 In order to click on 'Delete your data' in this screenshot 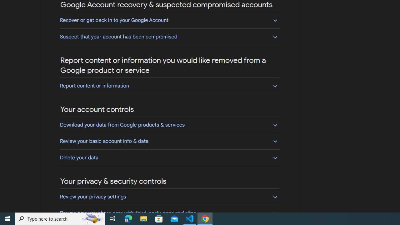, I will do `click(169, 157)`.